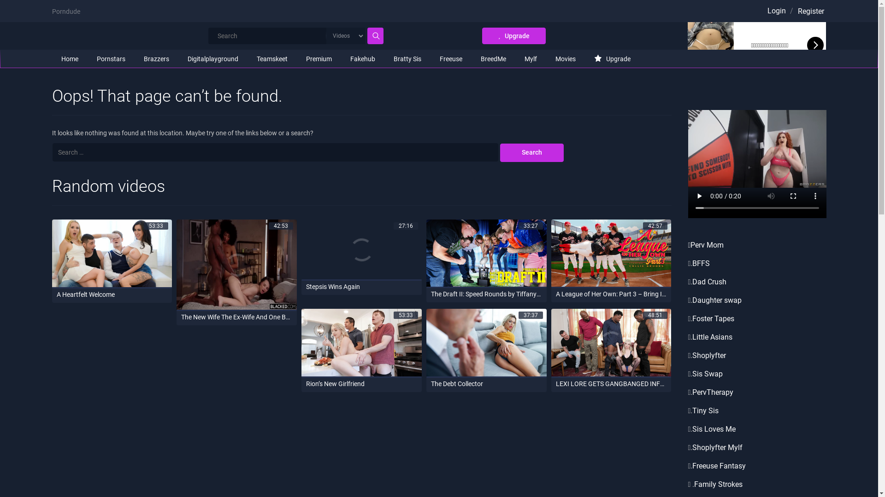 This screenshot has width=885, height=497. Describe the element at coordinates (177, 265) in the screenshot. I see `'42:53'` at that location.